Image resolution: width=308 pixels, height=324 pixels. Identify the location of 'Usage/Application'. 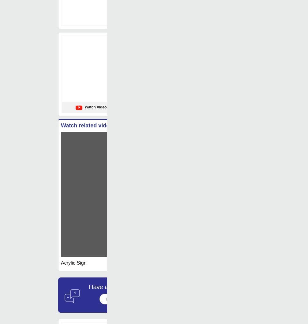
(162, 93).